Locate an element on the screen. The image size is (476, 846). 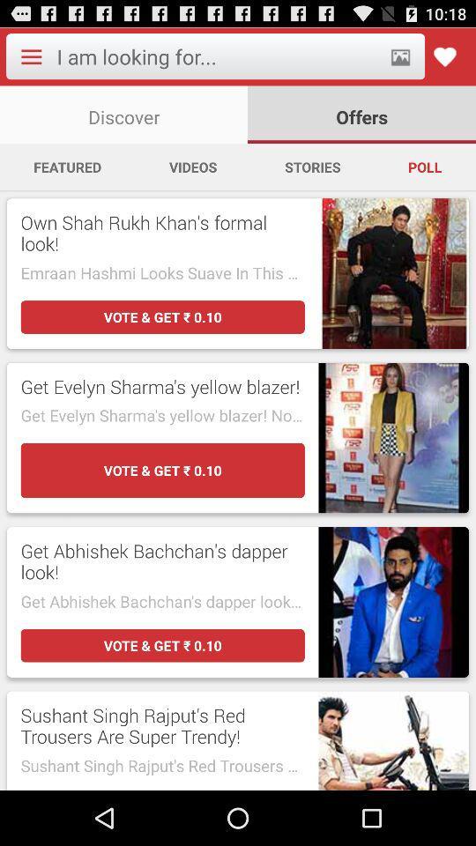
type to search is located at coordinates (218, 56).